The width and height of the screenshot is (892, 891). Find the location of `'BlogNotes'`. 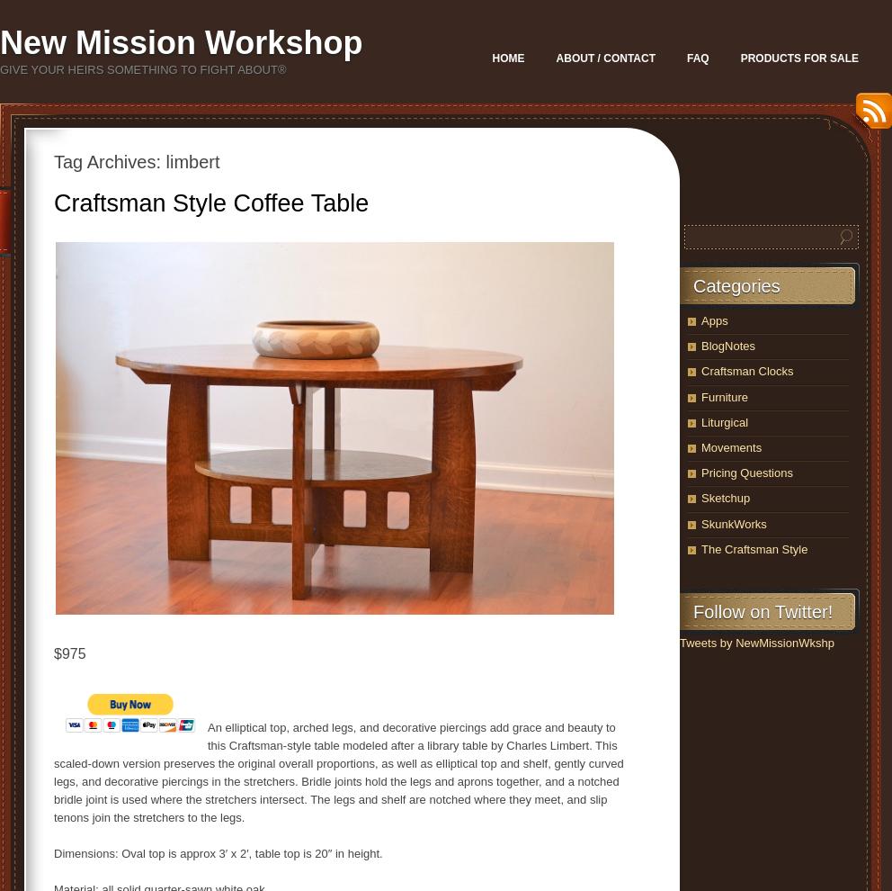

'BlogNotes' is located at coordinates (727, 346).